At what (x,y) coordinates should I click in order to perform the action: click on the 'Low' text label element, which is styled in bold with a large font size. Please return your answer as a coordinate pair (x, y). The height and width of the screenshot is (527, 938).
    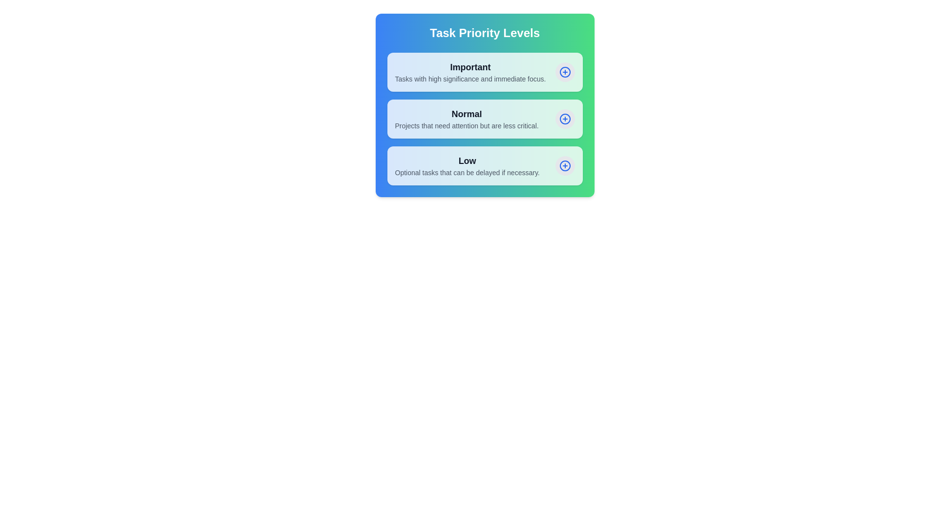
    Looking at the image, I should click on (467, 161).